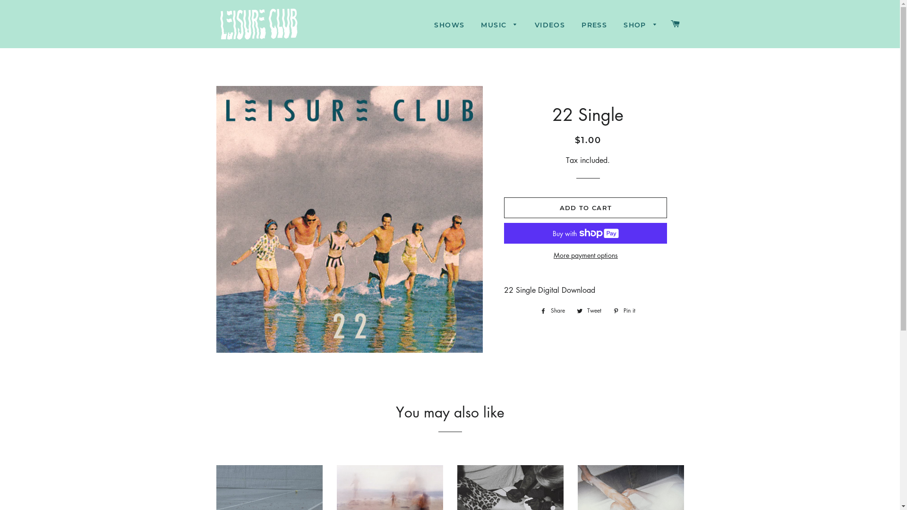 The image size is (907, 510). What do you see at coordinates (553, 311) in the screenshot?
I see `'Share` at bounding box center [553, 311].